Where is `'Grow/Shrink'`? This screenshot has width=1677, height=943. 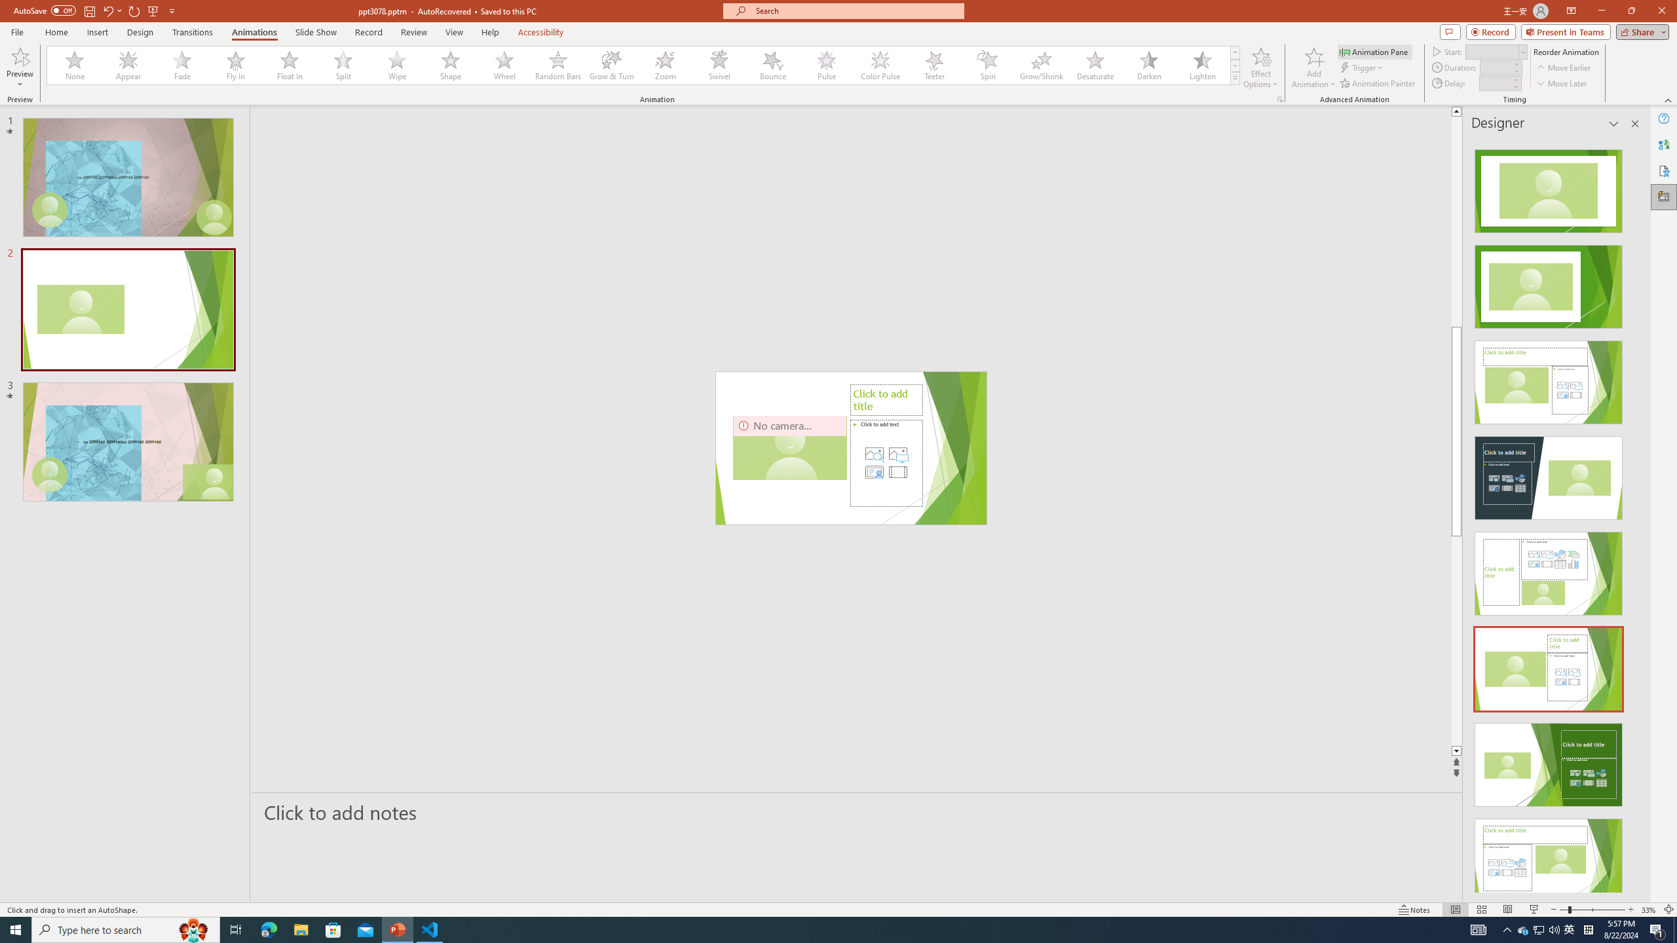 'Grow/Shrink' is located at coordinates (1041, 65).